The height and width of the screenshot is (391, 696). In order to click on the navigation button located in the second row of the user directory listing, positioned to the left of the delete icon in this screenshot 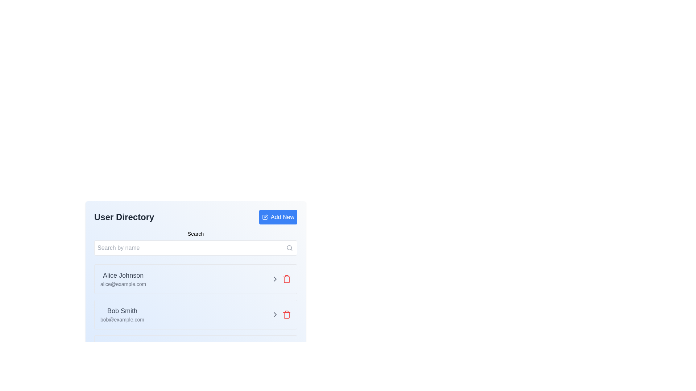, I will do `click(274, 279)`.